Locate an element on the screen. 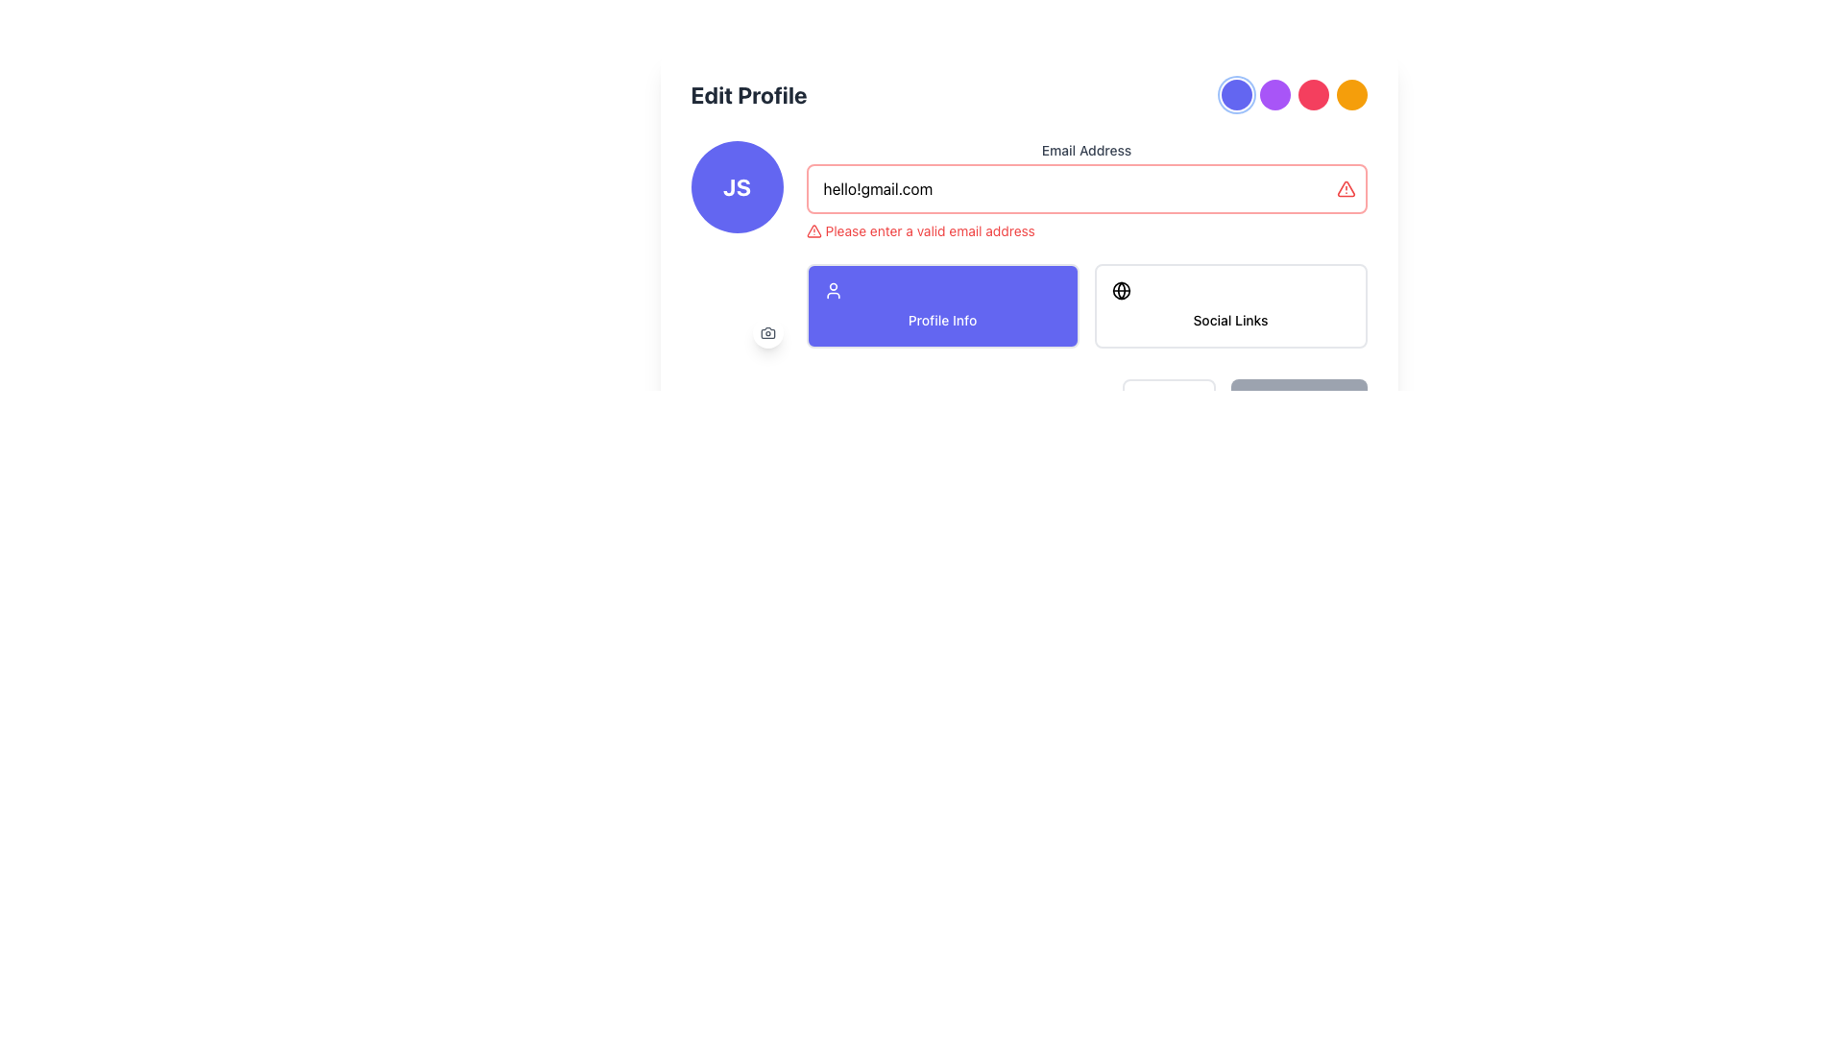 The height and width of the screenshot is (1037, 1844). the first circular button in the top-right section of the interface is located at coordinates (1236, 95).